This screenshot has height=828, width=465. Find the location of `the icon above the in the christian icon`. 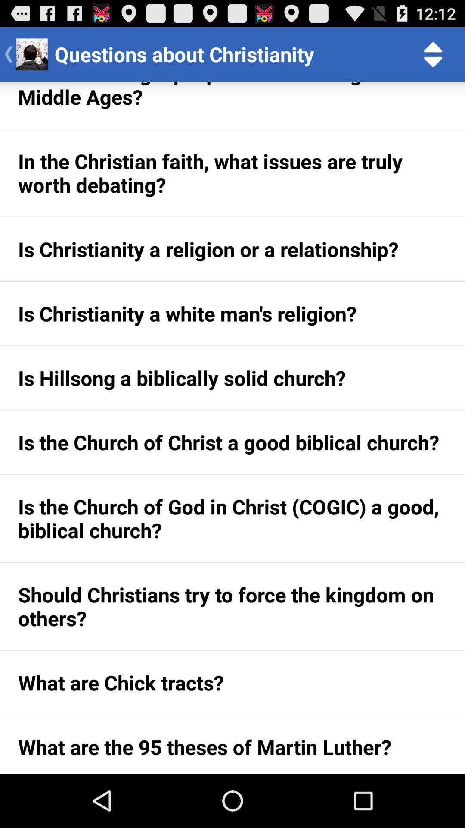

the icon above the in the christian icon is located at coordinates (232, 104).